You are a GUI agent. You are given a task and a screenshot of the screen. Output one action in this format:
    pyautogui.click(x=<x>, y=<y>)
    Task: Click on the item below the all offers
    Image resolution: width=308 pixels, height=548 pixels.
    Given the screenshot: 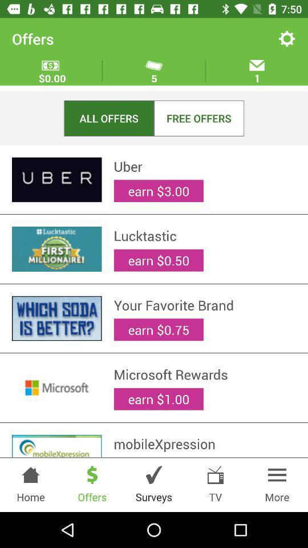 What is the action you would take?
    pyautogui.click(x=204, y=166)
    